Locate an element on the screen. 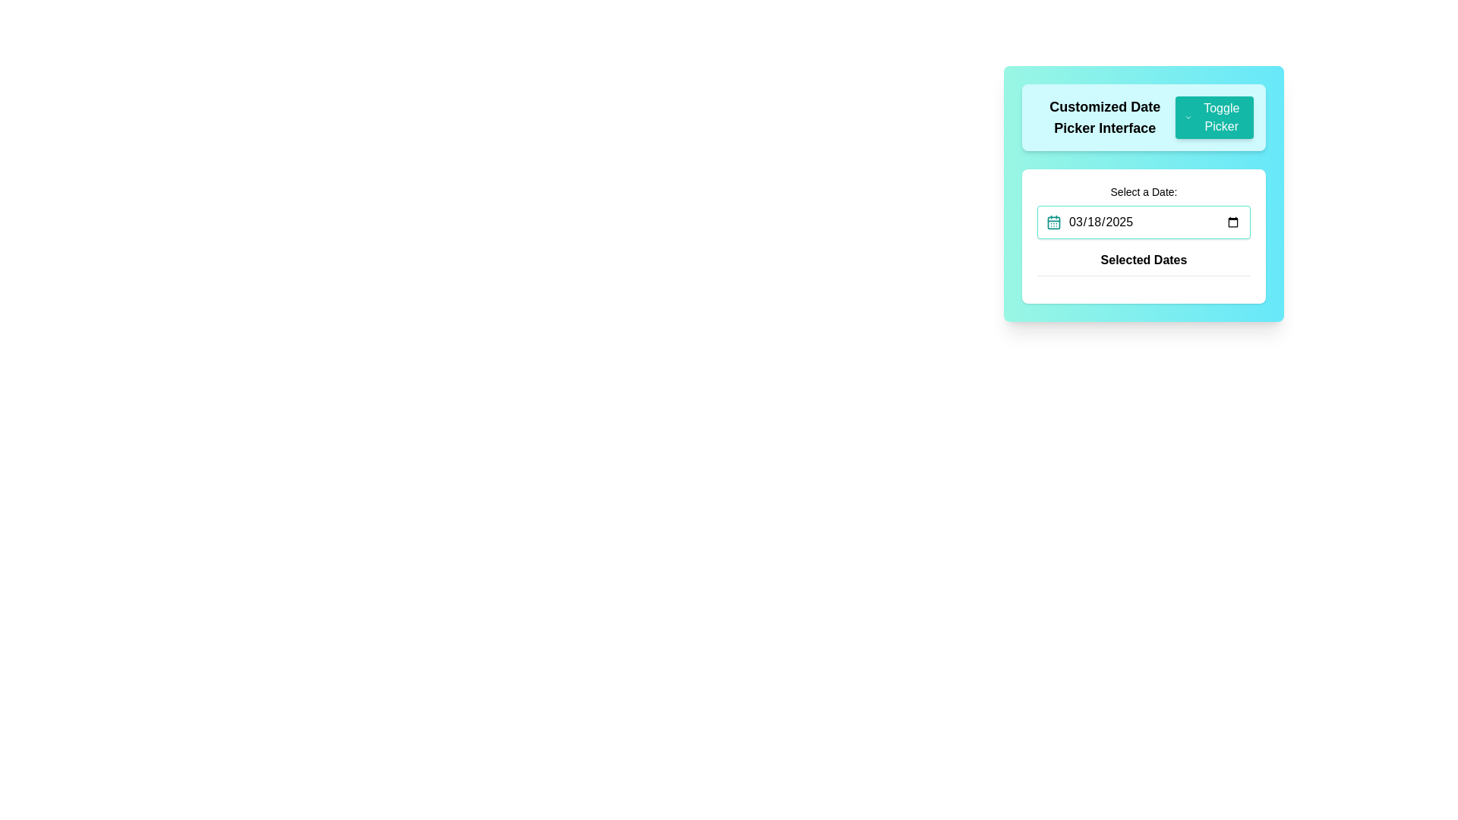 This screenshot has height=820, width=1458. the calendar icon decoration, which is a rectangle with slightly rounded corners located to the left of the date input field labeled 'Select a Date' is located at coordinates (1052, 222).